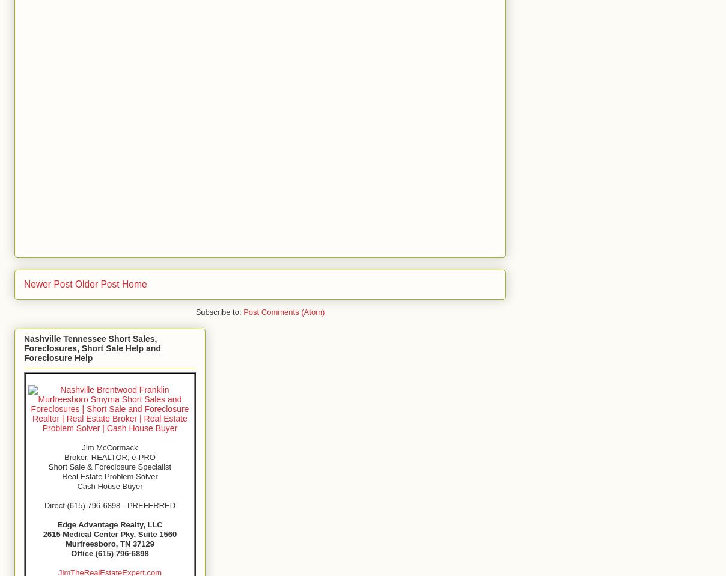 This screenshot has height=576, width=726. Describe the element at coordinates (109, 447) in the screenshot. I see `'Jim McCormack'` at that location.